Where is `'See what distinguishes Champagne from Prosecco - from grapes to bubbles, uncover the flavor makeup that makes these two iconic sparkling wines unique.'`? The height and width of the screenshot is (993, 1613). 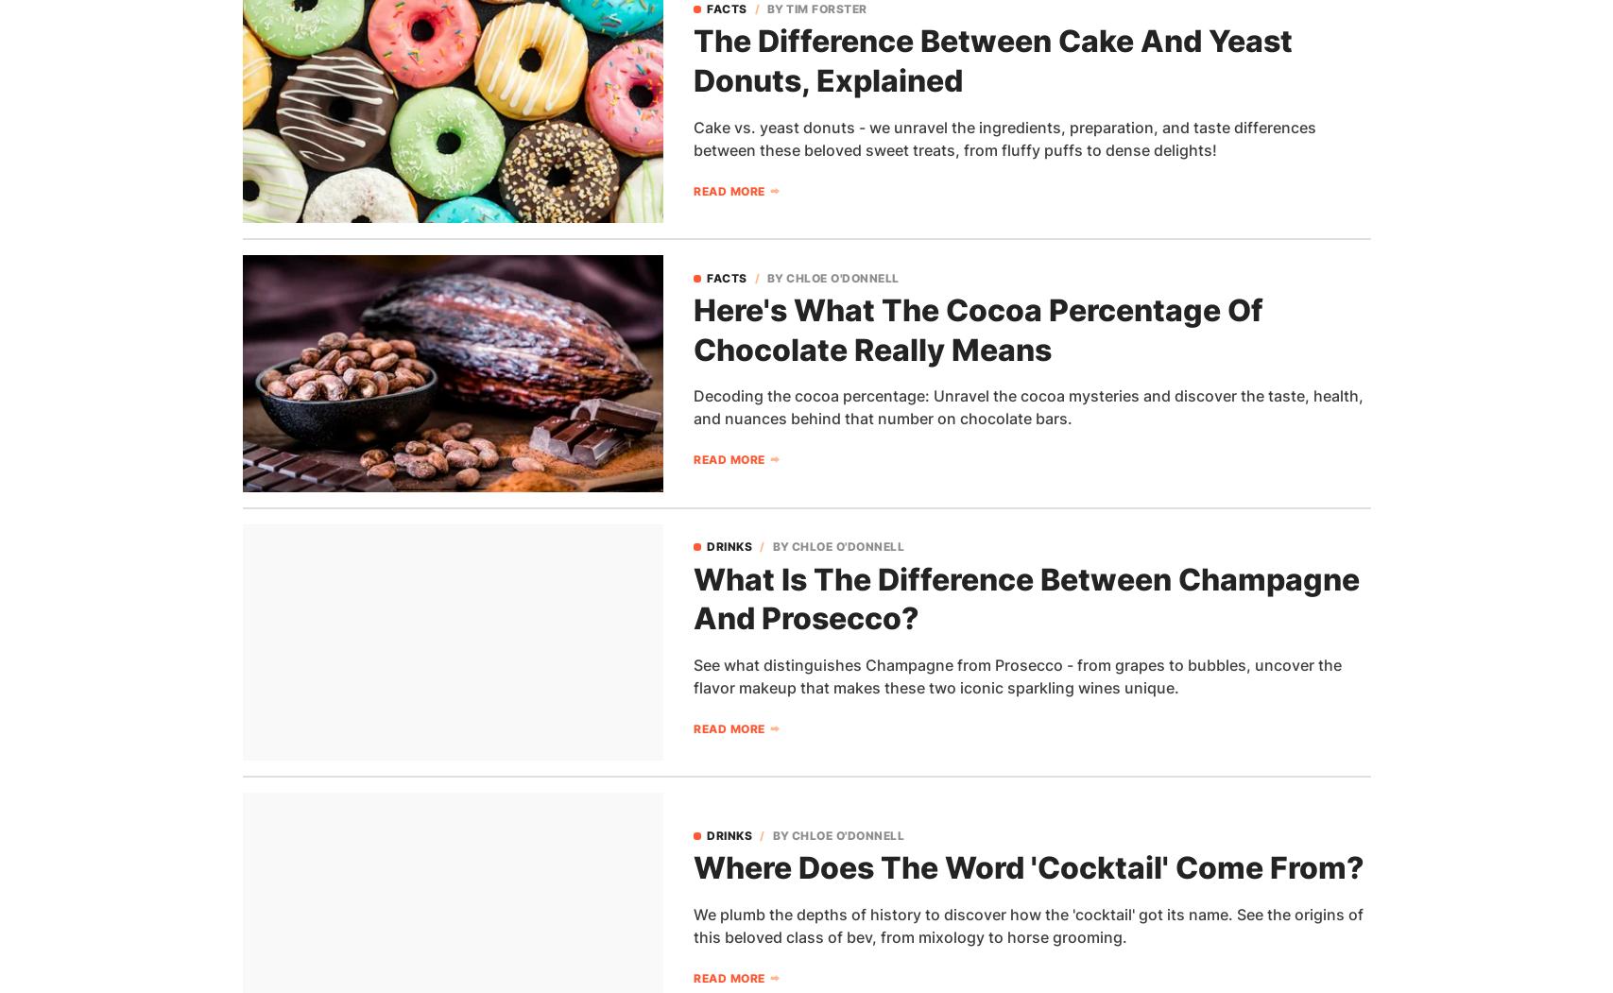
'See what distinguishes Champagne from Prosecco - from grapes to bubbles, uncover the flavor makeup that makes these two iconic sparkling wines unique.' is located at coordinates (1016, 674).